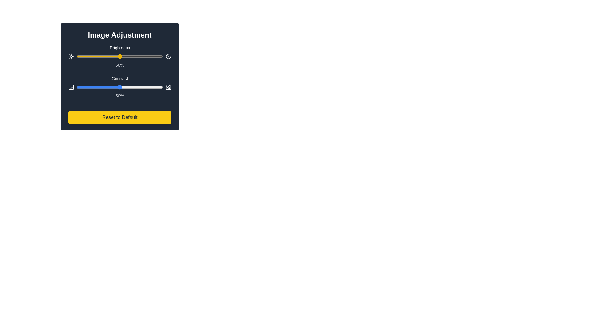 The width and height of the screenshot is (590, 332). I want to click on the text label displaying '50%' which is styled in small, light gray text, located below the brightness slider and aligned with its center, so click(120, 65).